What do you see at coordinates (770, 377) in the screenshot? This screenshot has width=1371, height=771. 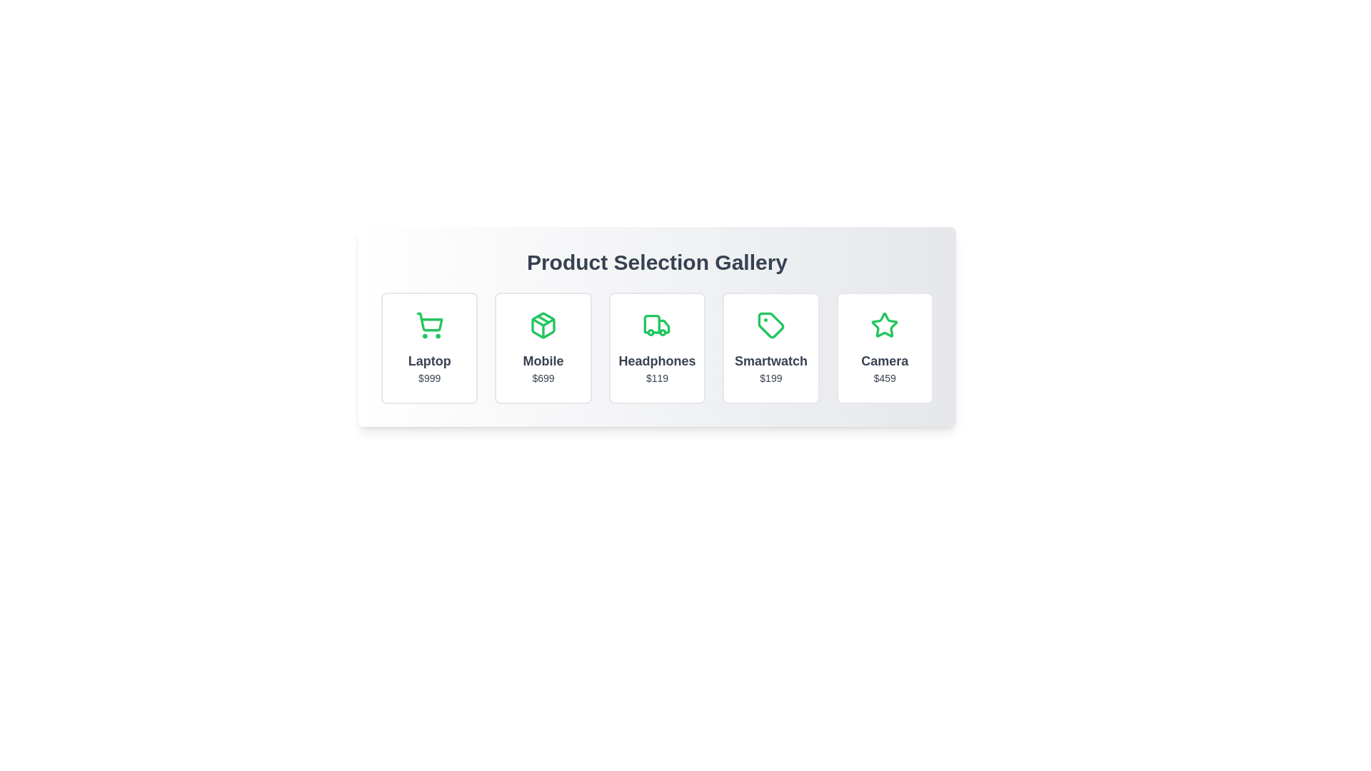 I see `the text label displaying the price '$199', which is located beneath the item title 'Smartwatch' in the fourth card of the grid layout` at bounding box center [770, 377].